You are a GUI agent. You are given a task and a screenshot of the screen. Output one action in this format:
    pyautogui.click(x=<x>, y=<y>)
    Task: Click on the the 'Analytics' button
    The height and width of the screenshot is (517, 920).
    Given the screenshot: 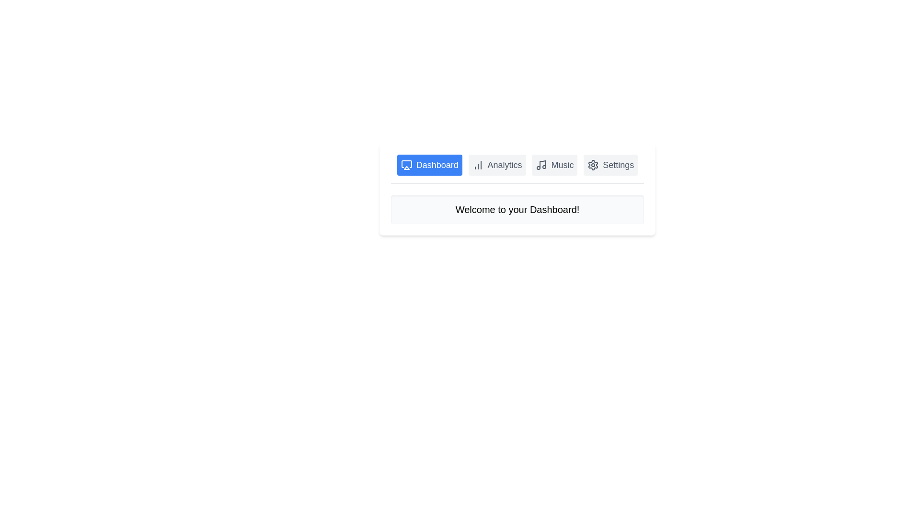 What is the action you would take?
    pyautogui.click(x=497, y=164)
    